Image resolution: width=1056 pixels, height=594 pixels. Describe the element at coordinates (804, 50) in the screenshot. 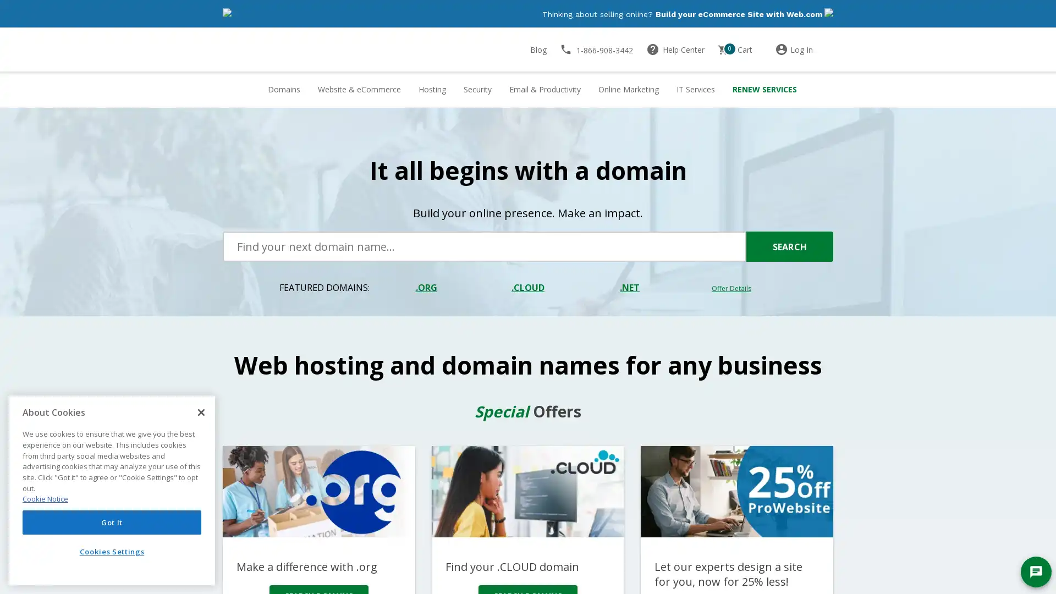

I see `Log In` at that location.